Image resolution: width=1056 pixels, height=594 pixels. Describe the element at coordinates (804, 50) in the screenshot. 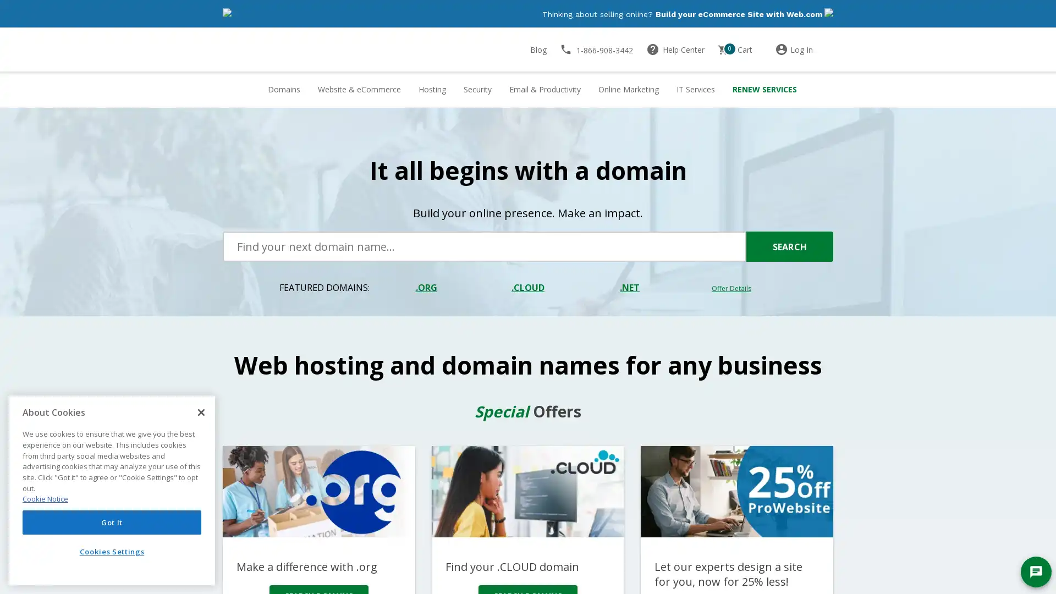

I see `Log In` at that location.